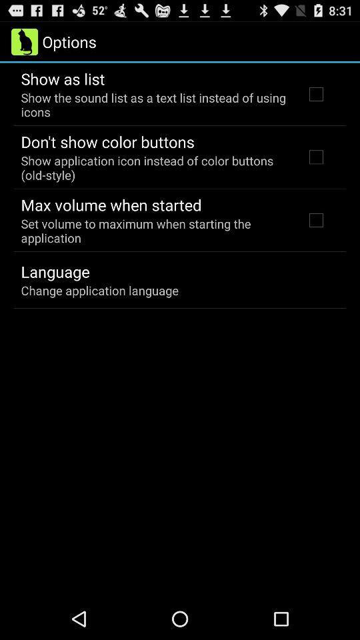  What do you see at coordinates (153, 231) in the screenshot?
I see `the set volume to app` at bounding box center [153, 231].